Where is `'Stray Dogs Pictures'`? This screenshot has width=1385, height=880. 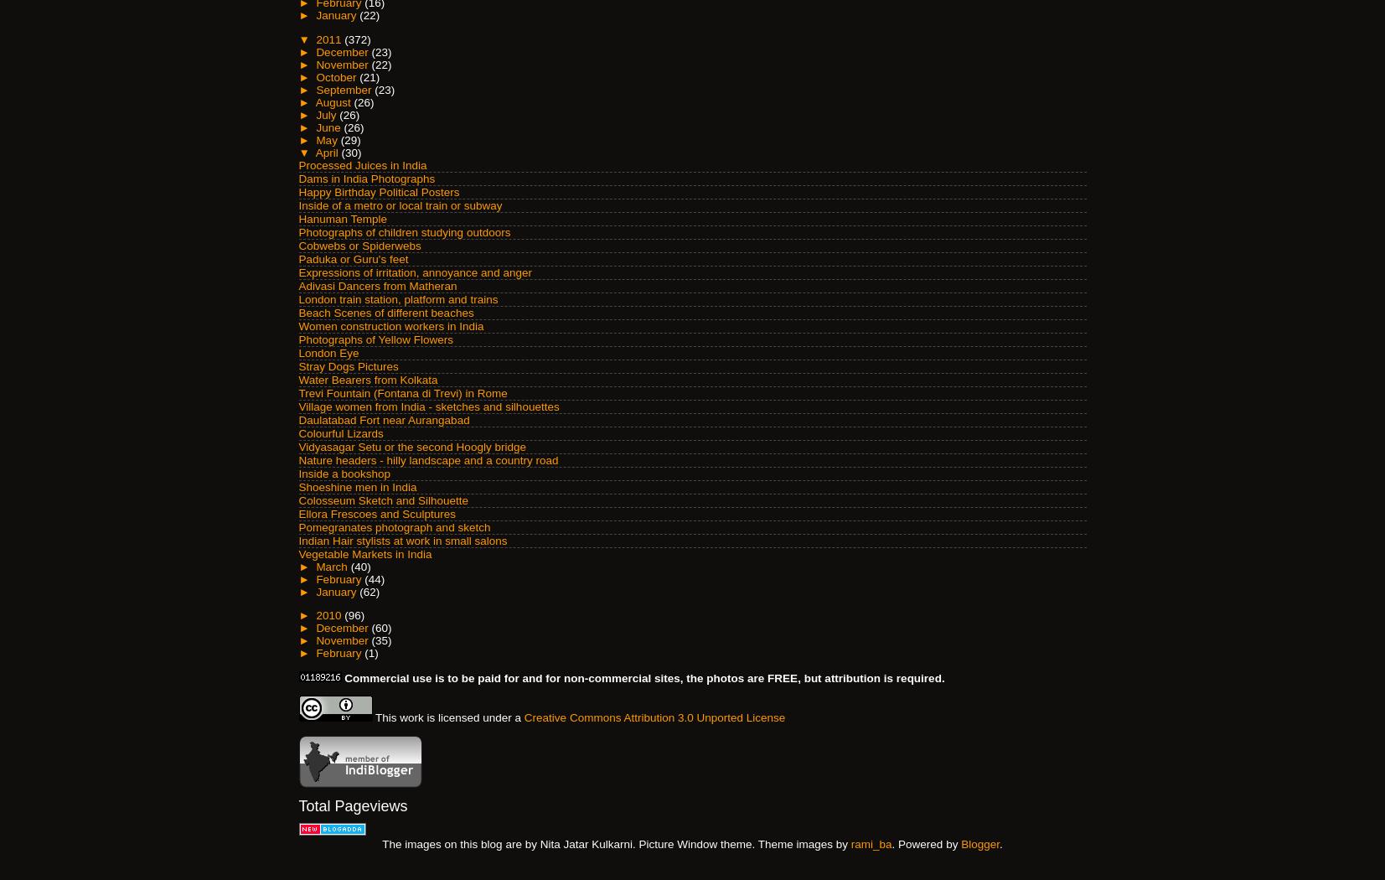 'Stray Dogs Pictures' is located at coordinates (347, 365).